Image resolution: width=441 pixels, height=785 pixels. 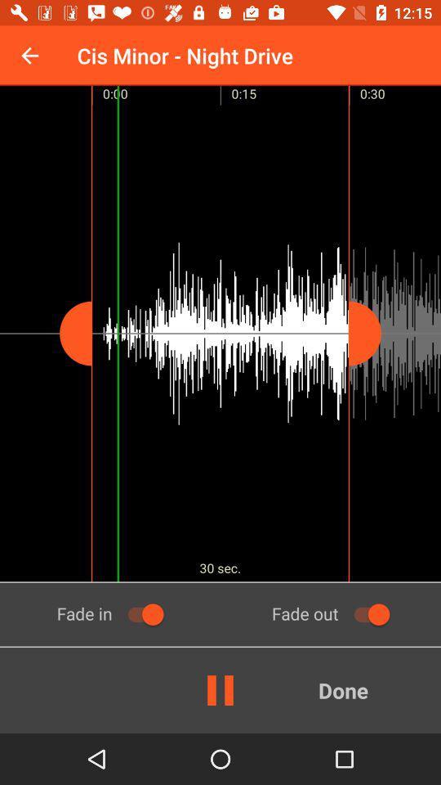 I want to click on go back, so click(x=29, y=56).